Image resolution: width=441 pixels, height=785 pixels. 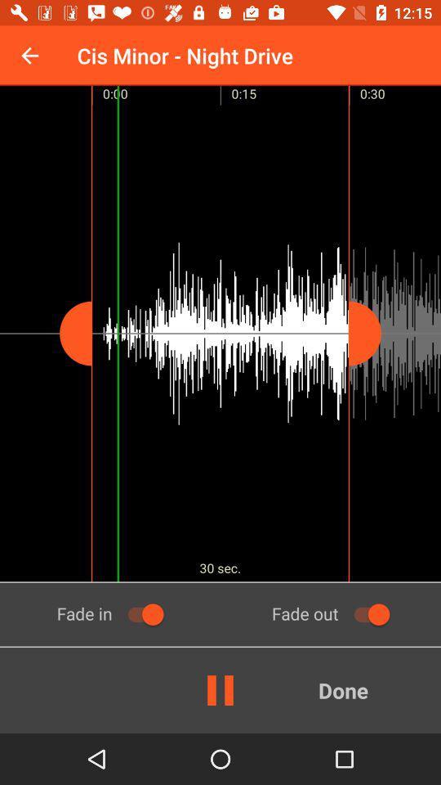 I want to click on go back, so click(x=29, y=56).